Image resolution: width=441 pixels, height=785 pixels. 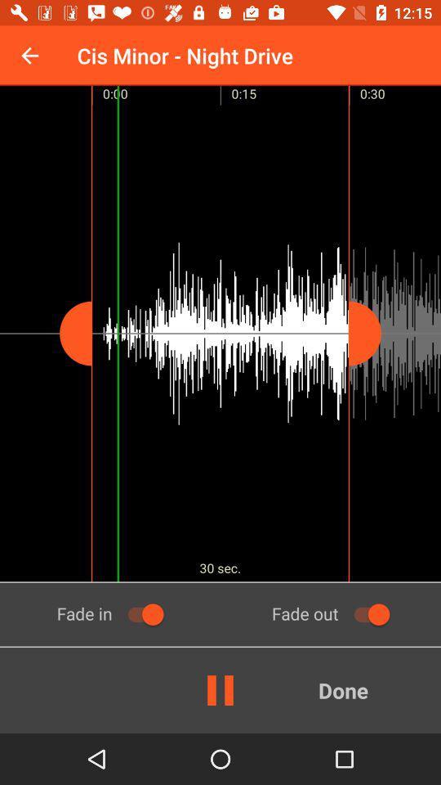 I want to click on go back, so click(x=29, y=56).